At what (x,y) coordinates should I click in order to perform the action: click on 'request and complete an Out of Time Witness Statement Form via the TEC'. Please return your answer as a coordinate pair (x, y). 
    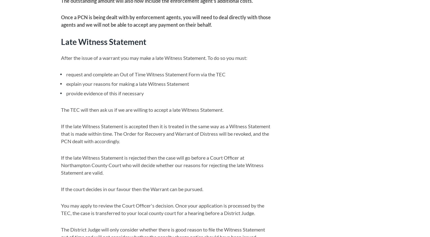
    Looking at the image, I should click on (145, 74).